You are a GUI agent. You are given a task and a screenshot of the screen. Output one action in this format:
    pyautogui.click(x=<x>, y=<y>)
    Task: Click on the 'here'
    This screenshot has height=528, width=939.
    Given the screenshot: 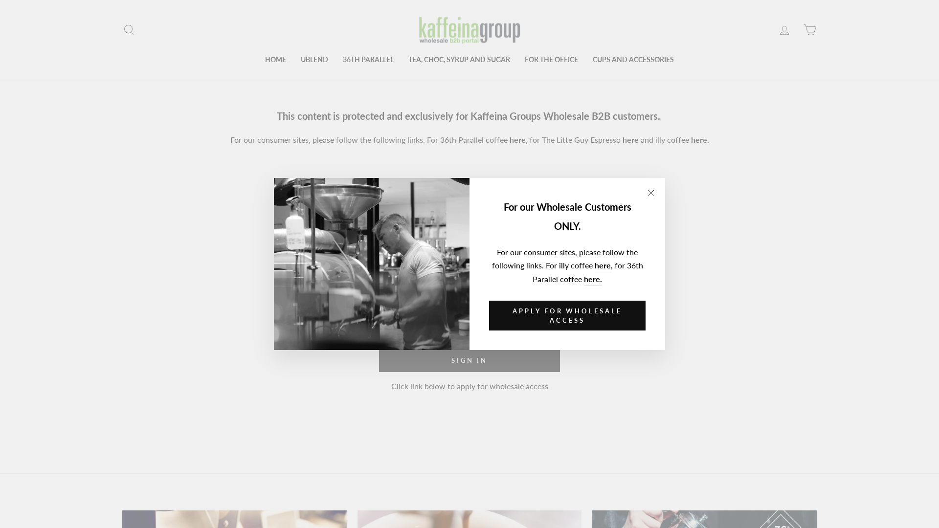 What is the action you would take?
    pyautogui.click(x=602, y=265)
    